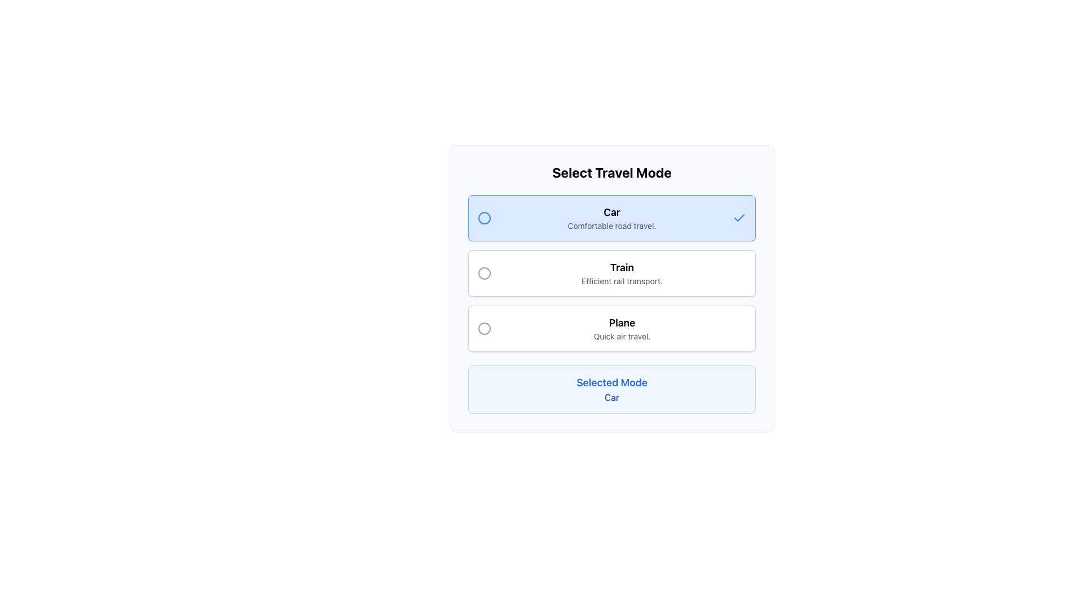 The image size is (1083, 609). Describe the element at coordinates (622, 273) in the screenshot. I see `the 'Train' travel mode option in the Text and Icon Selector Item` at that location.